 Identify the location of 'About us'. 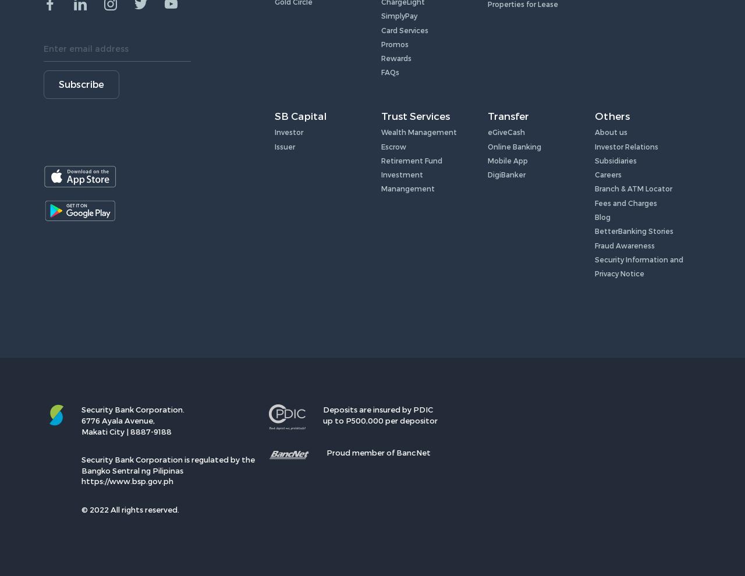
(609, 131).